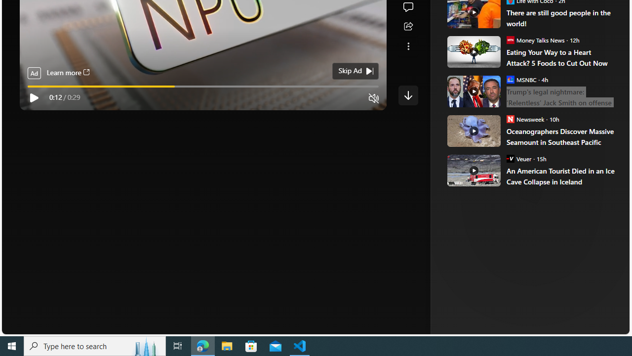  What do you see at coordinates (408, 26) in the screenshot?
I see `'Share this story'` at bounding box center [408, 26].